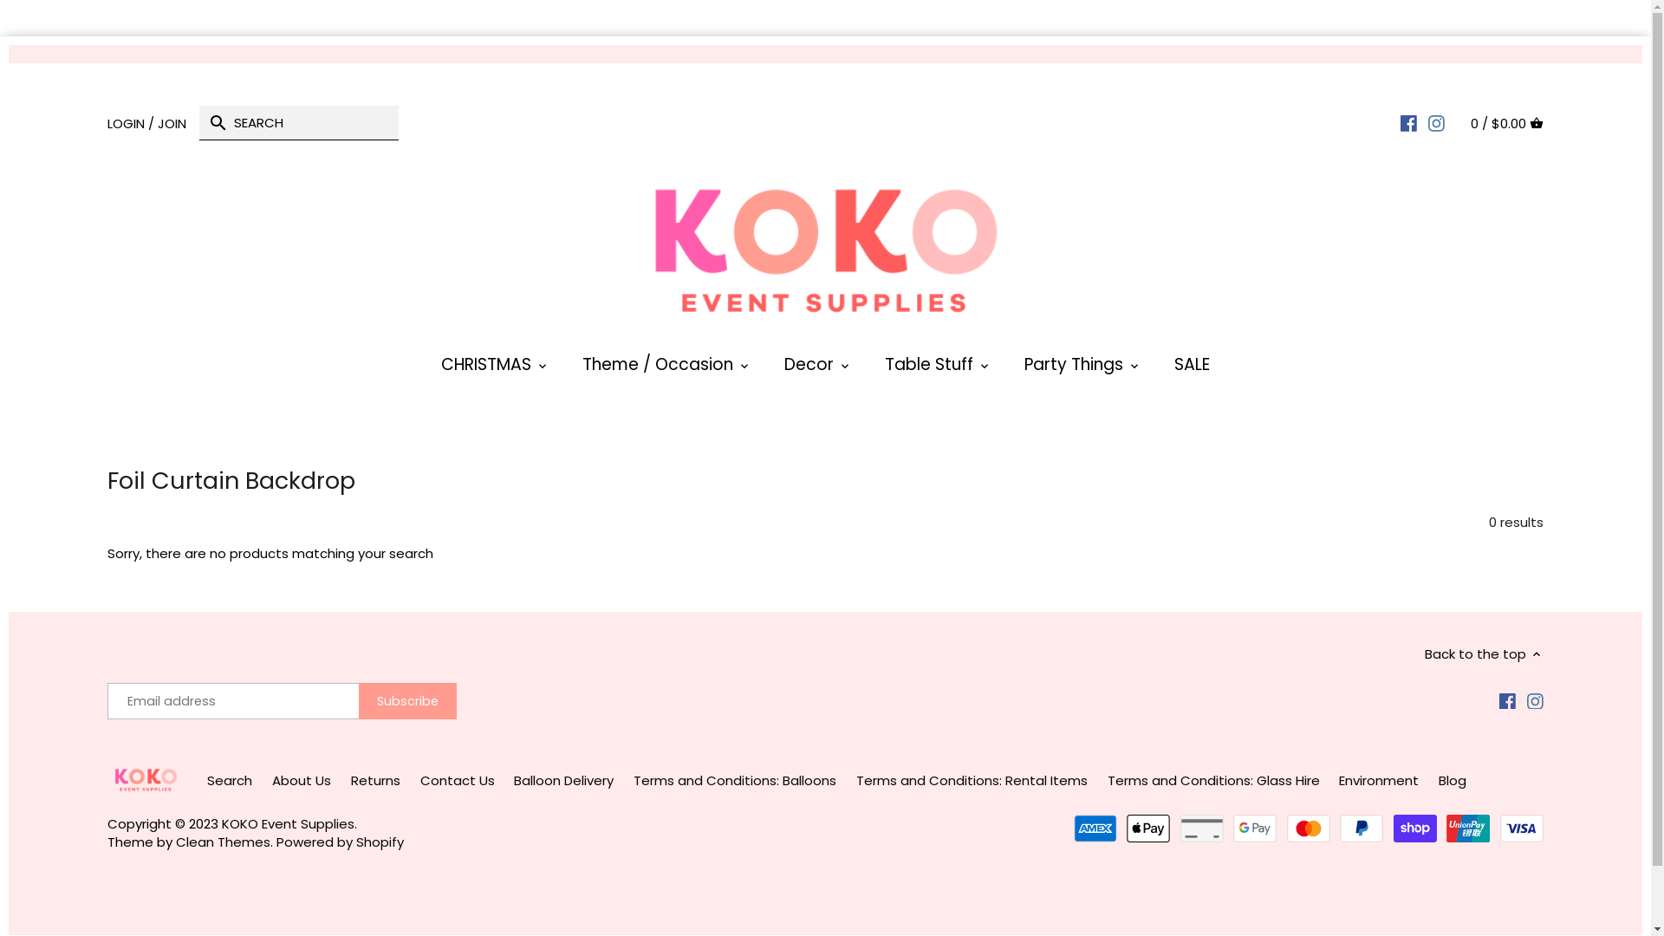 This screenshot has height=936, width=1664. What do you see at coordinates (1452, 780) in the screenshot?
I see `'Blog'` at bounding box center [1452, 780].